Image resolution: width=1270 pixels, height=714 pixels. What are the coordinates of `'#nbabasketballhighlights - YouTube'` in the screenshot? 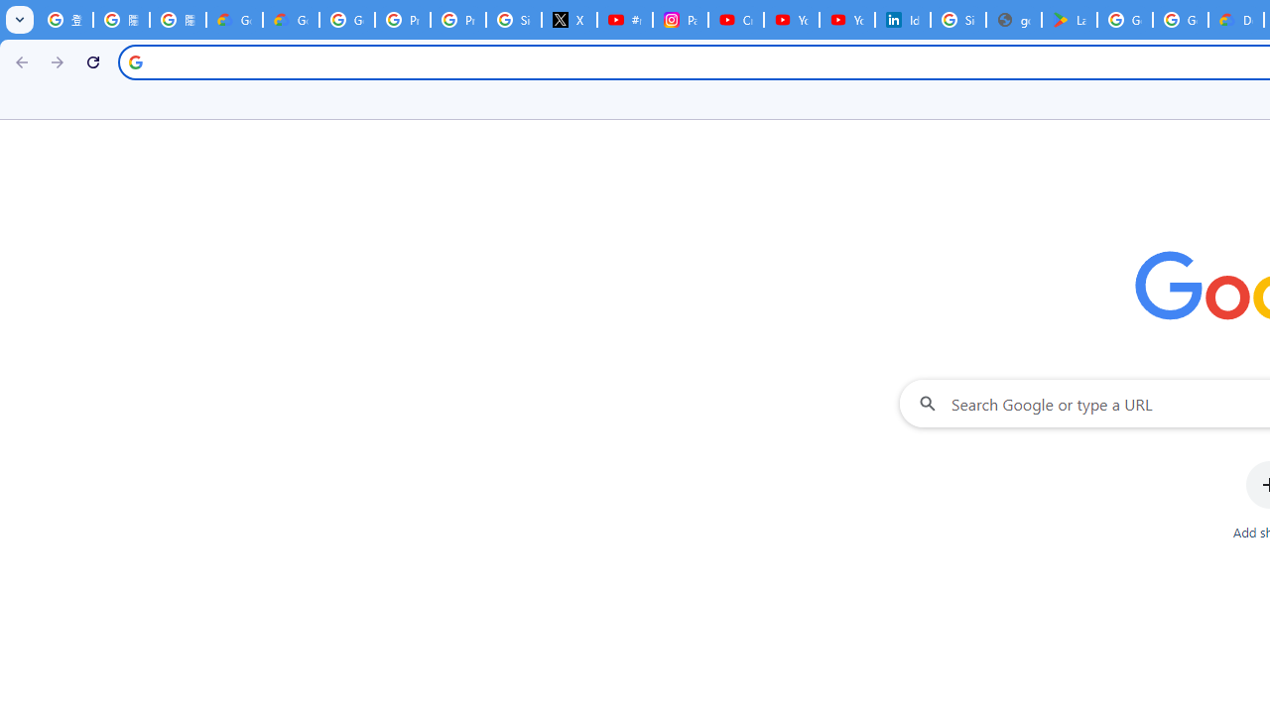 It's located at (623, 20).